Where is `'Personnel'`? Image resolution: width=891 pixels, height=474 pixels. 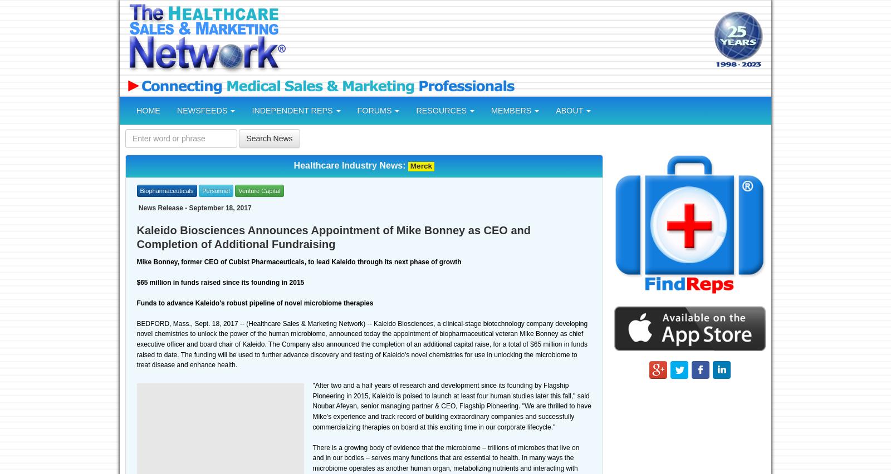
'Personnel' is located at coordinates (216, 190).